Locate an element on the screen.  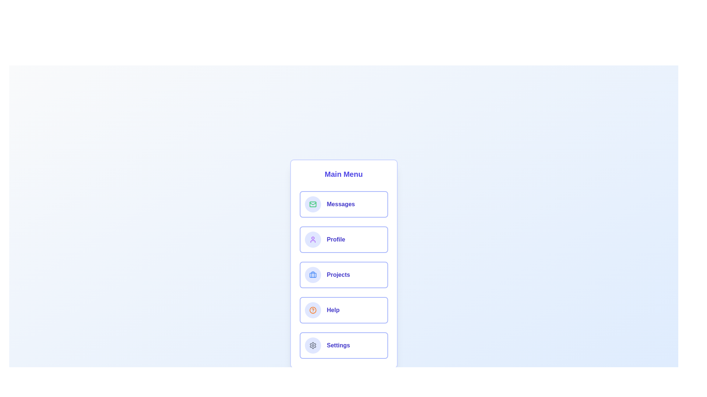
the icon corresponding to Help by clicking on it is located at coordinates (313, 310).